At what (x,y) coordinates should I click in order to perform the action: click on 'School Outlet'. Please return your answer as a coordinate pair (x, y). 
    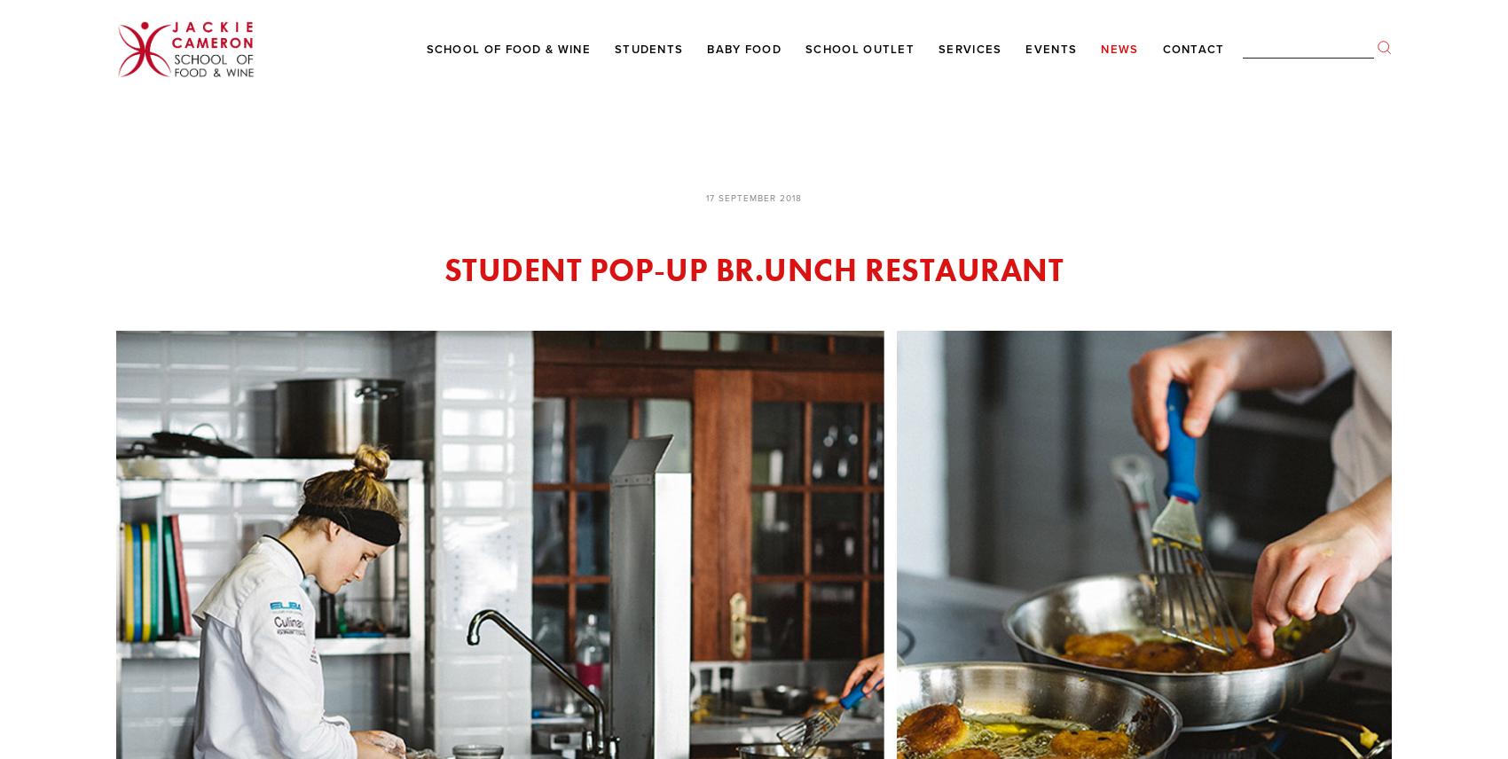
    Looking at the image, I should click on (859, 47).